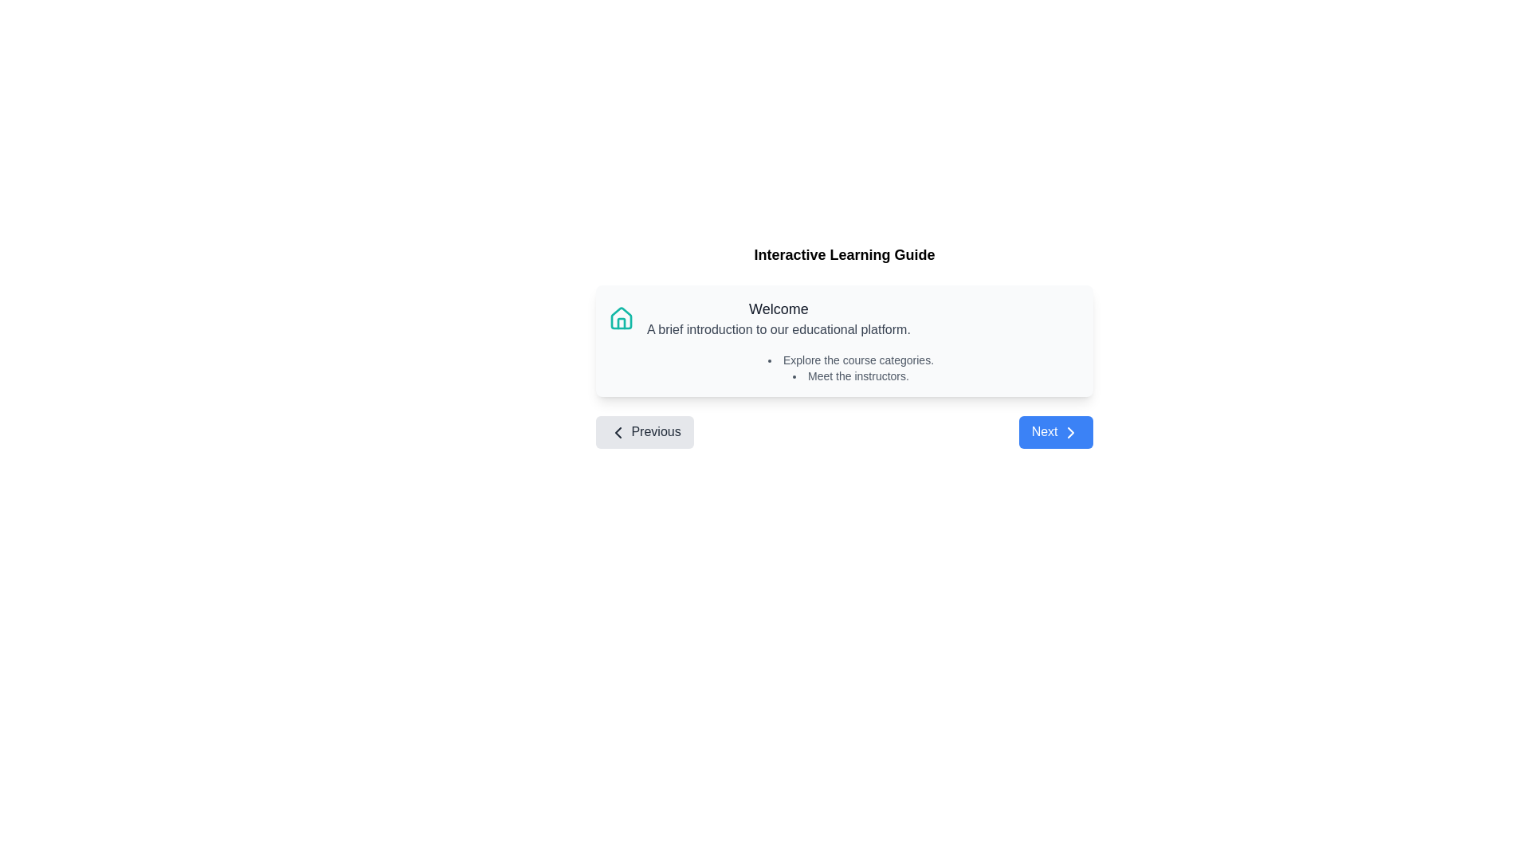  I want to click on the left-pointing chevron icon, which is part of the 'Previous' button located at the bottom-left of the main card interface, so click(618, 432).